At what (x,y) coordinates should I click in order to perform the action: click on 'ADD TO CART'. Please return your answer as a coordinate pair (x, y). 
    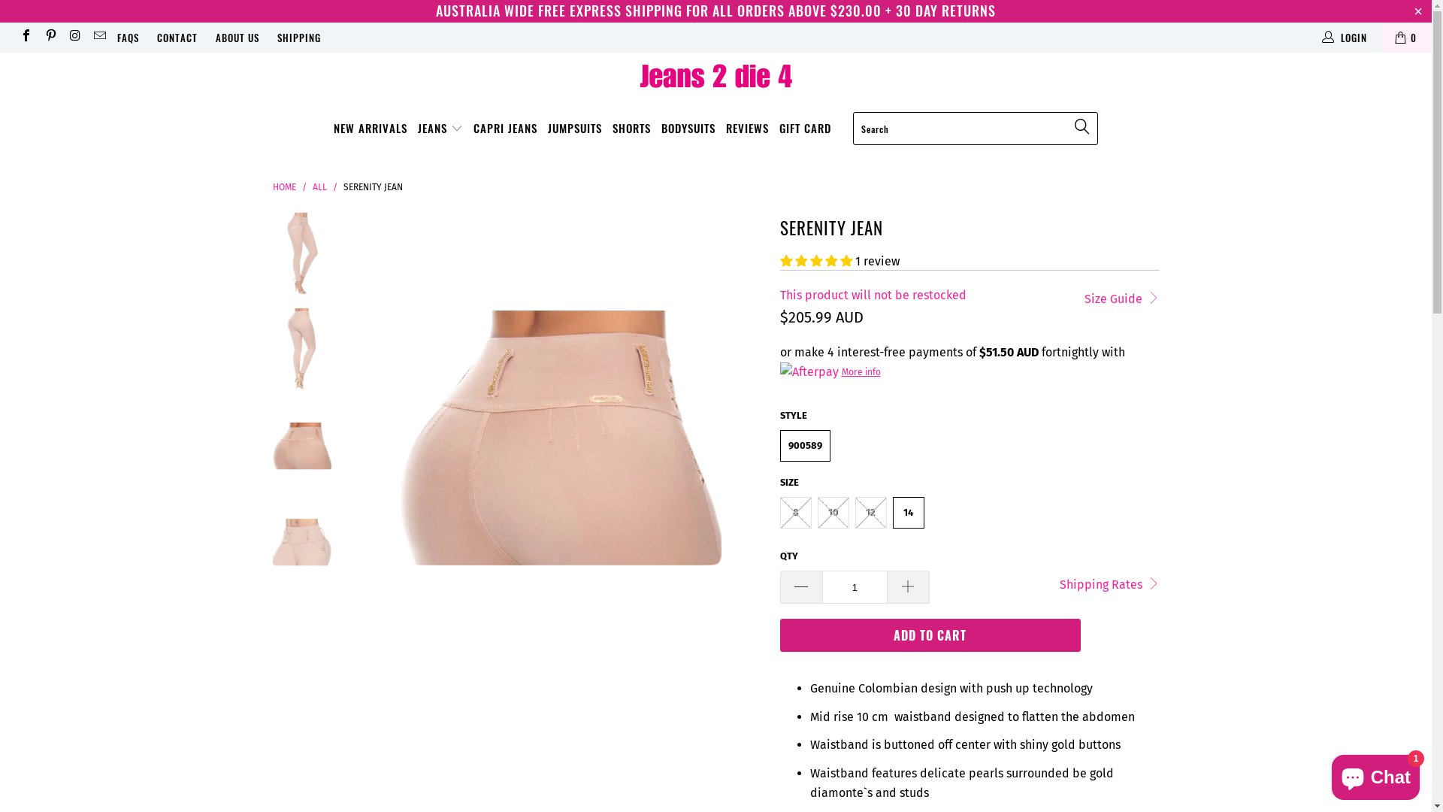
    Looking at the image, I should click on (930, 635).